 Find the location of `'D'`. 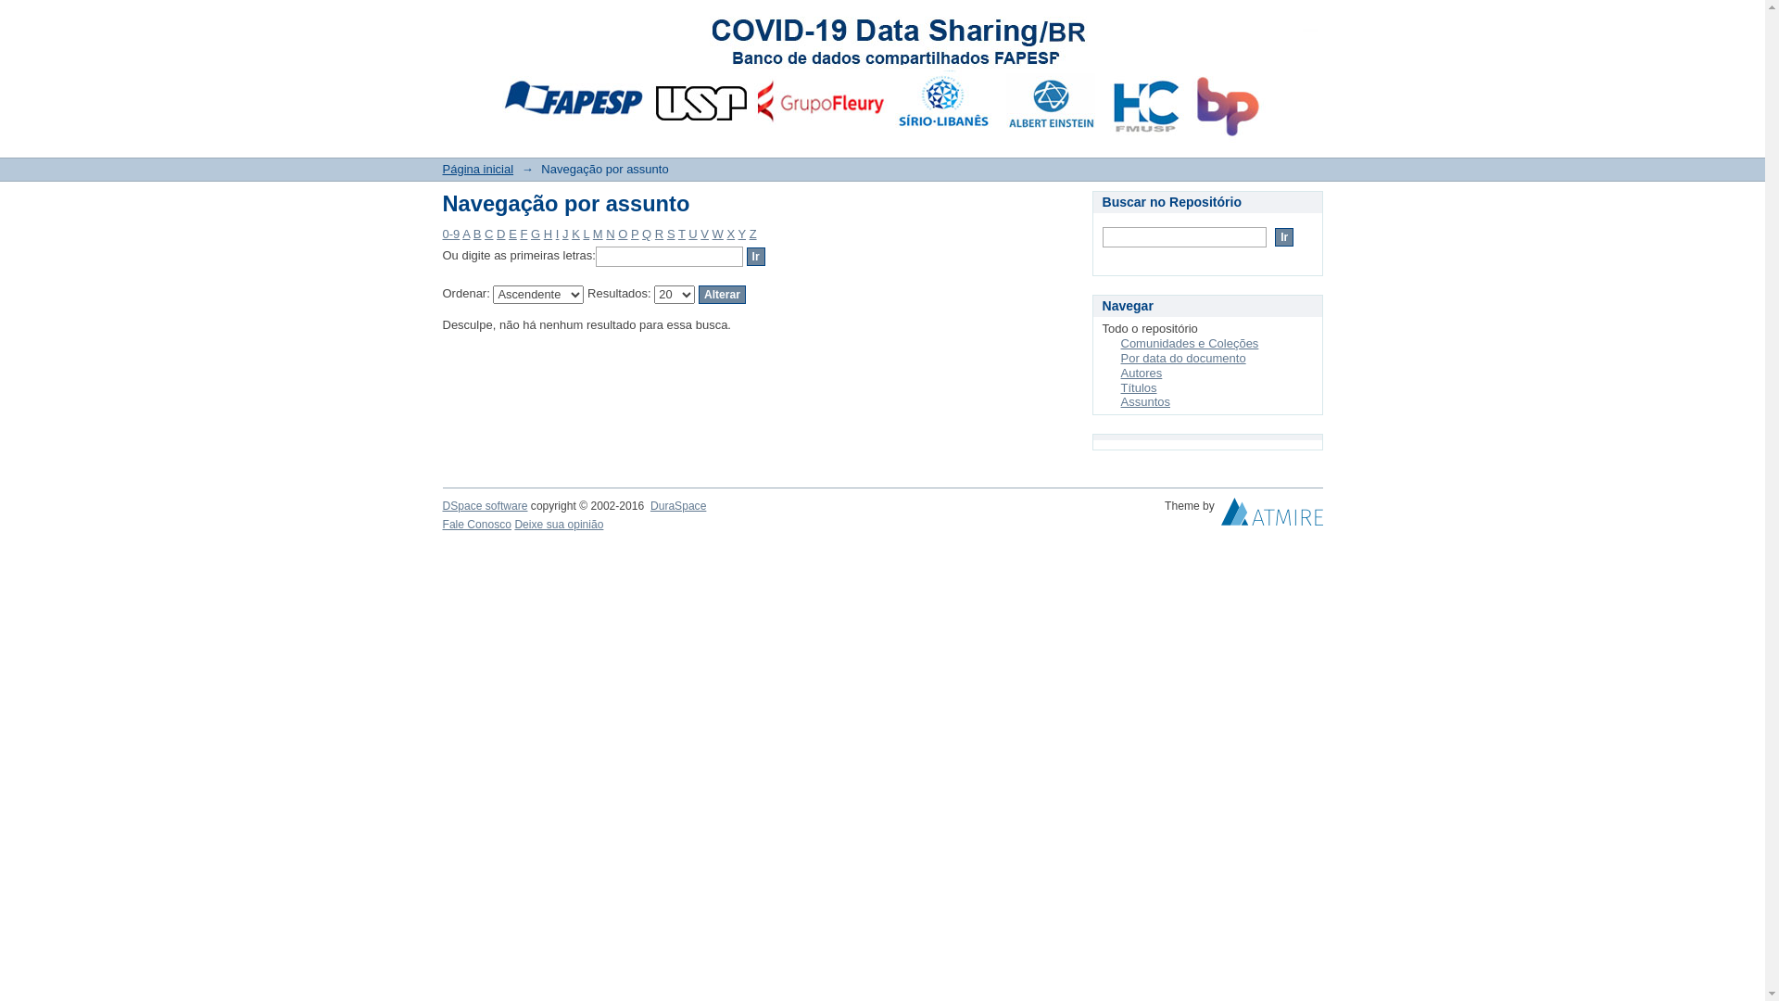

'D' is located at coordinates (500, 233).